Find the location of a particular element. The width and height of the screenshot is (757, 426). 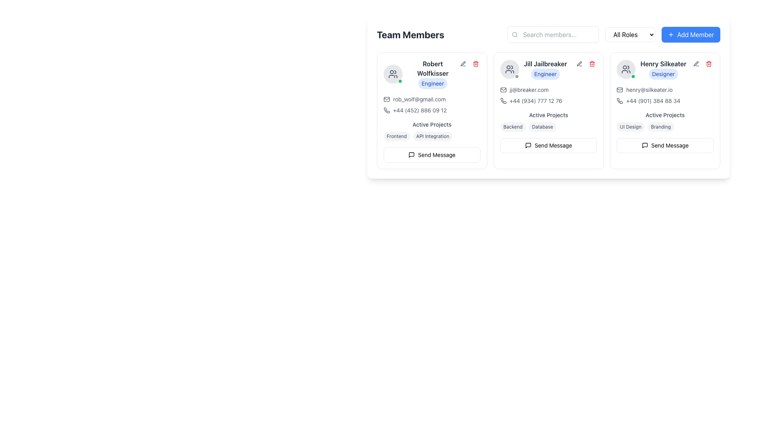

the message square icon located within the second user profile card under 'Jill Jailbreaker', which is positioned near the action buttons for visual context is located at coordinates (528, 146).